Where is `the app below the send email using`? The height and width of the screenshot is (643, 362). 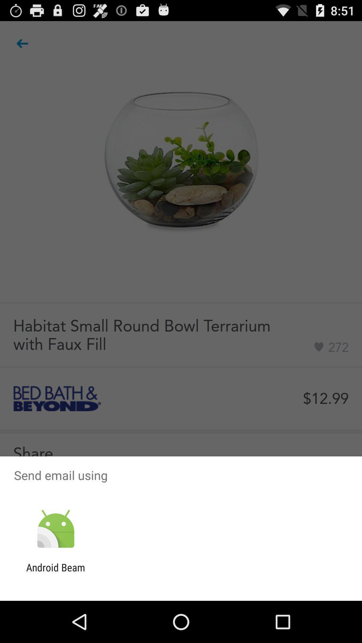
the app below the send email using is located at coordinates (55, 529).